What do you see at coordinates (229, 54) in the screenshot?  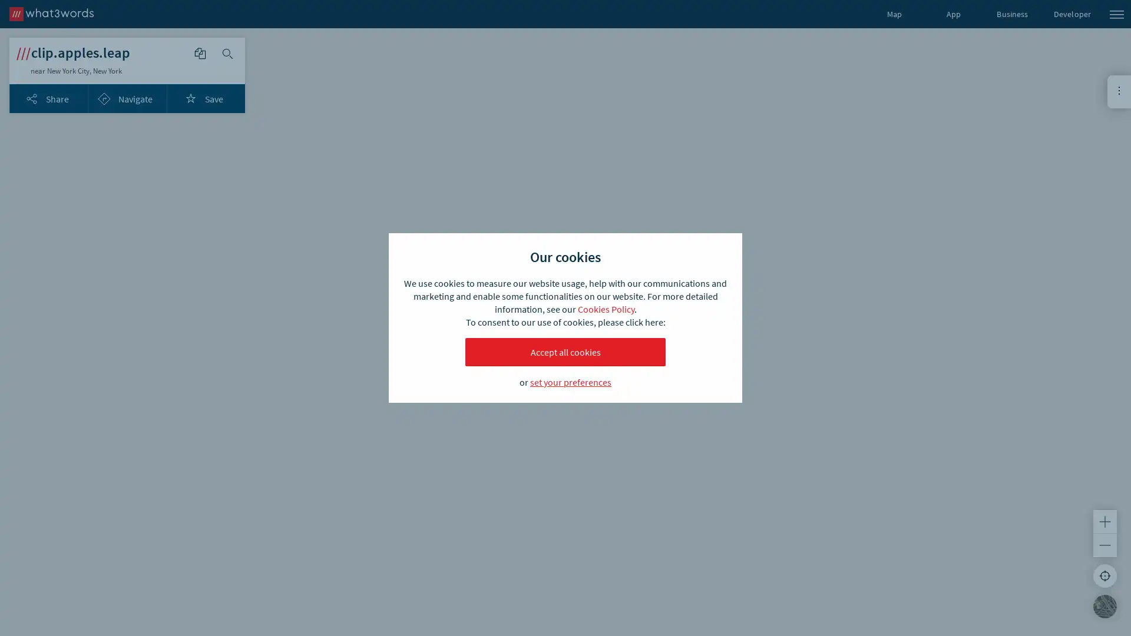 I see `Search` at bounding box center [229, 54].